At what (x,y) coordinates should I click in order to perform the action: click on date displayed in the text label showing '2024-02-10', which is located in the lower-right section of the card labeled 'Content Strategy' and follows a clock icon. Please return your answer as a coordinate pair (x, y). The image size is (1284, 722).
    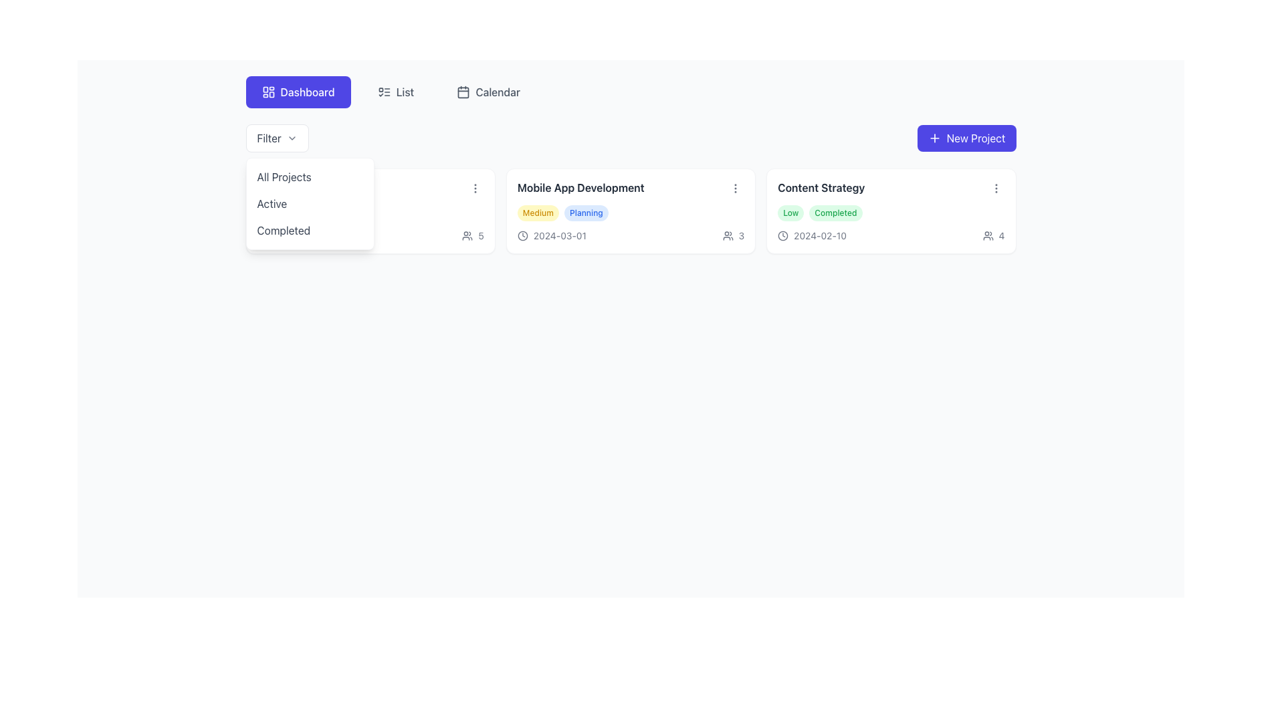
    Looking at the image, I should click on (819, 235).